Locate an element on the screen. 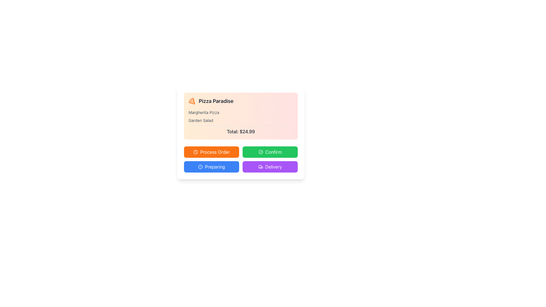 The width and height of the screenshot is (546, 307). the text label that summarizes the total cost of the items, located centrally in the lower section of the card, below the item descriptions and above the action buttons is located at coordinates (241, 131).